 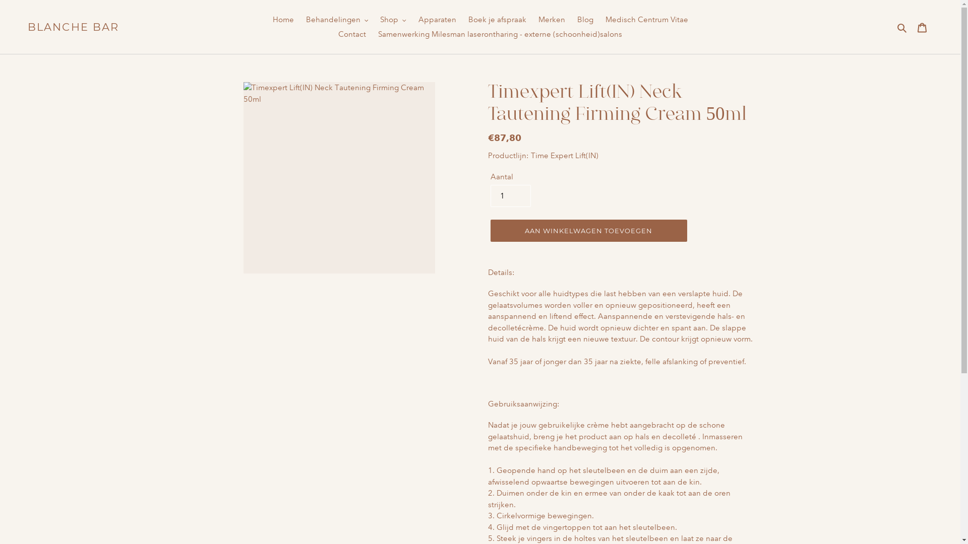 What do you see at coordinates (73, 26) in the screenshot?
I see `'BLANCHE BAR'` at bounding box center [73, 26].